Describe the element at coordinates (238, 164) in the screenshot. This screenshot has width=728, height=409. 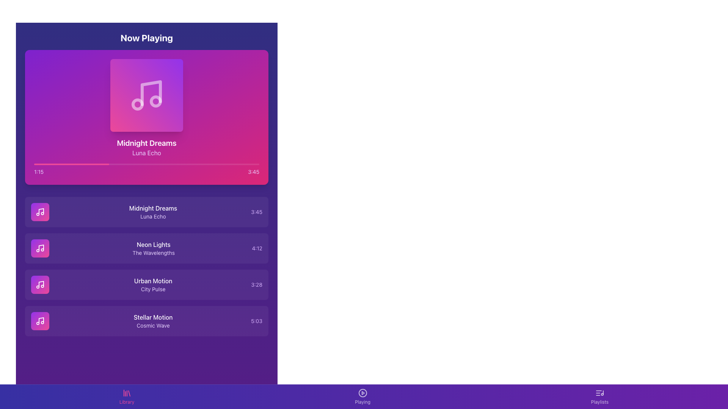
I see `the playback progress` at that location.